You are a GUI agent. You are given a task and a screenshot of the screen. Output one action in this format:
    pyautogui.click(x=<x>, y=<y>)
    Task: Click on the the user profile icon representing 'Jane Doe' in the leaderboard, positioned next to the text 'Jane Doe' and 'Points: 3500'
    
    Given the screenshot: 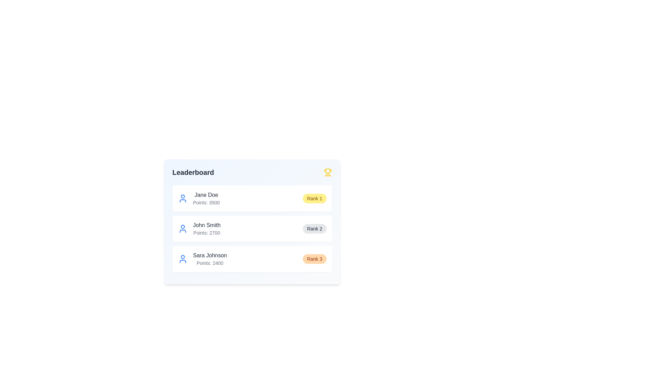 What is the action you would take?
    pyautogui.click(x=183, y=199)
    